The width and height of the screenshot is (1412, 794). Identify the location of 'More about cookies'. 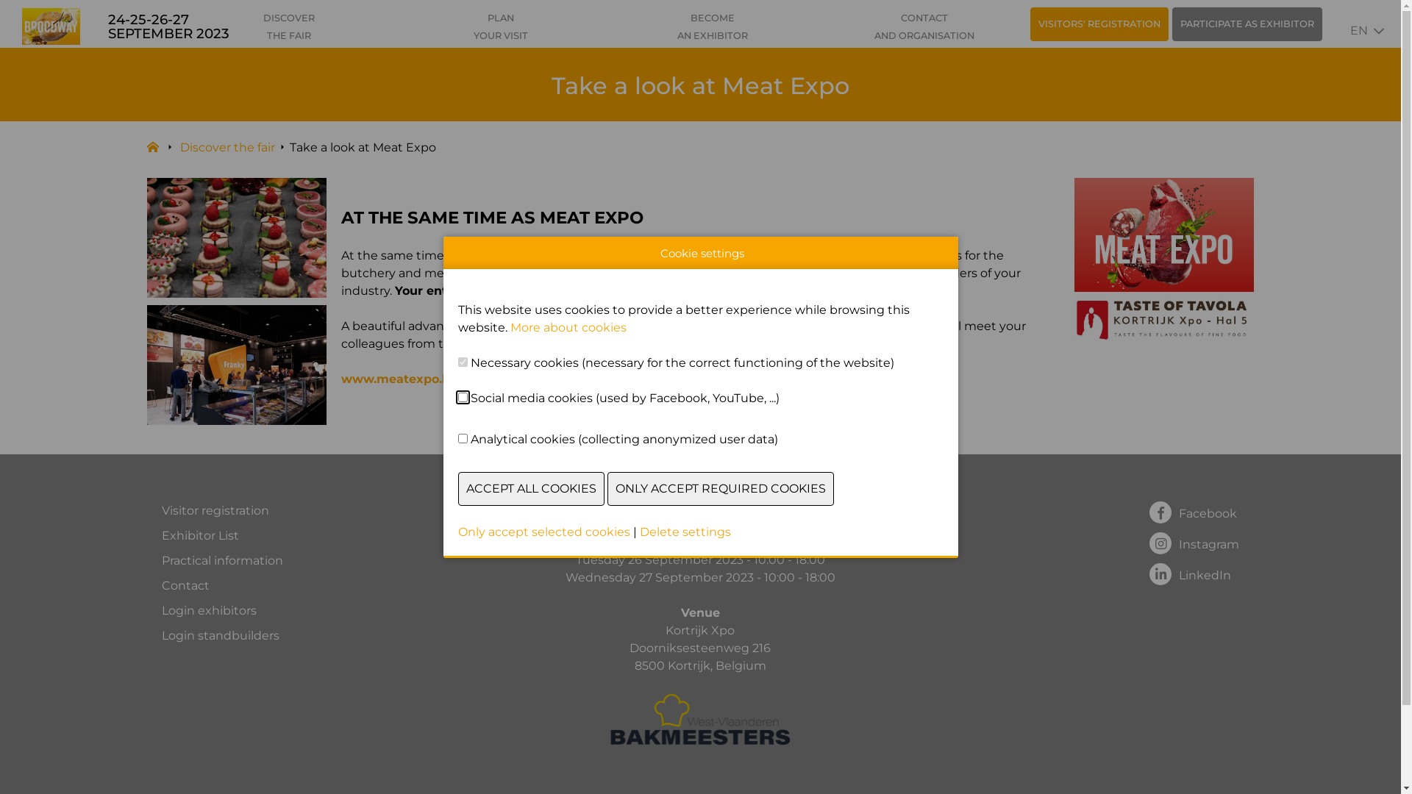
(567, 326).